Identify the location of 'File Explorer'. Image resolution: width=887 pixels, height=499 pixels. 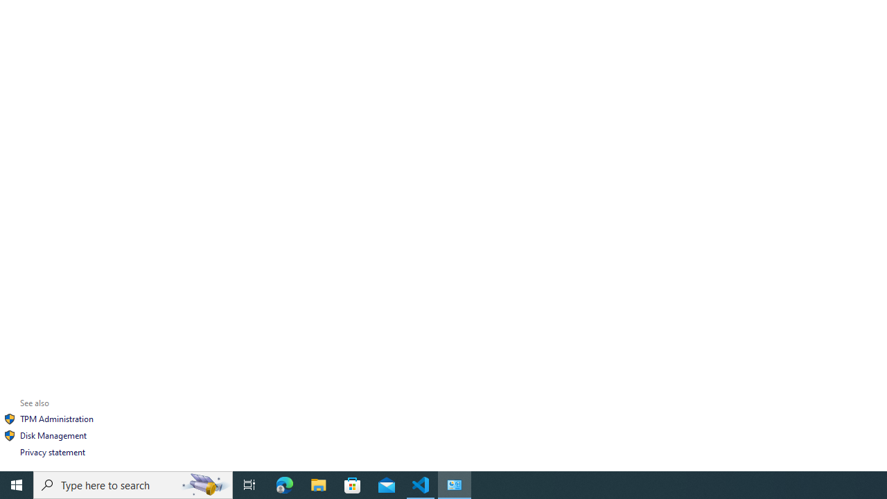
(318, 484).